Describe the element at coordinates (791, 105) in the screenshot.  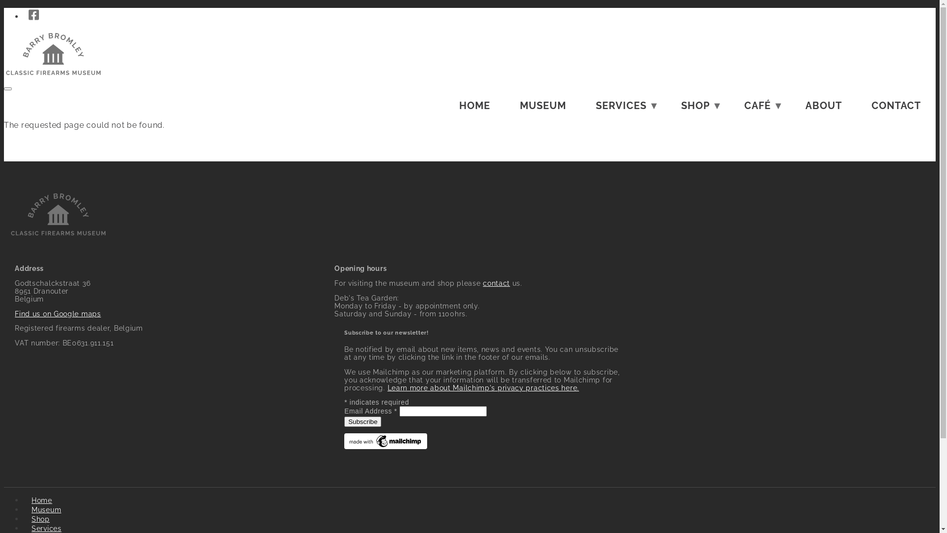
I see `'ABOUT'` at that location.